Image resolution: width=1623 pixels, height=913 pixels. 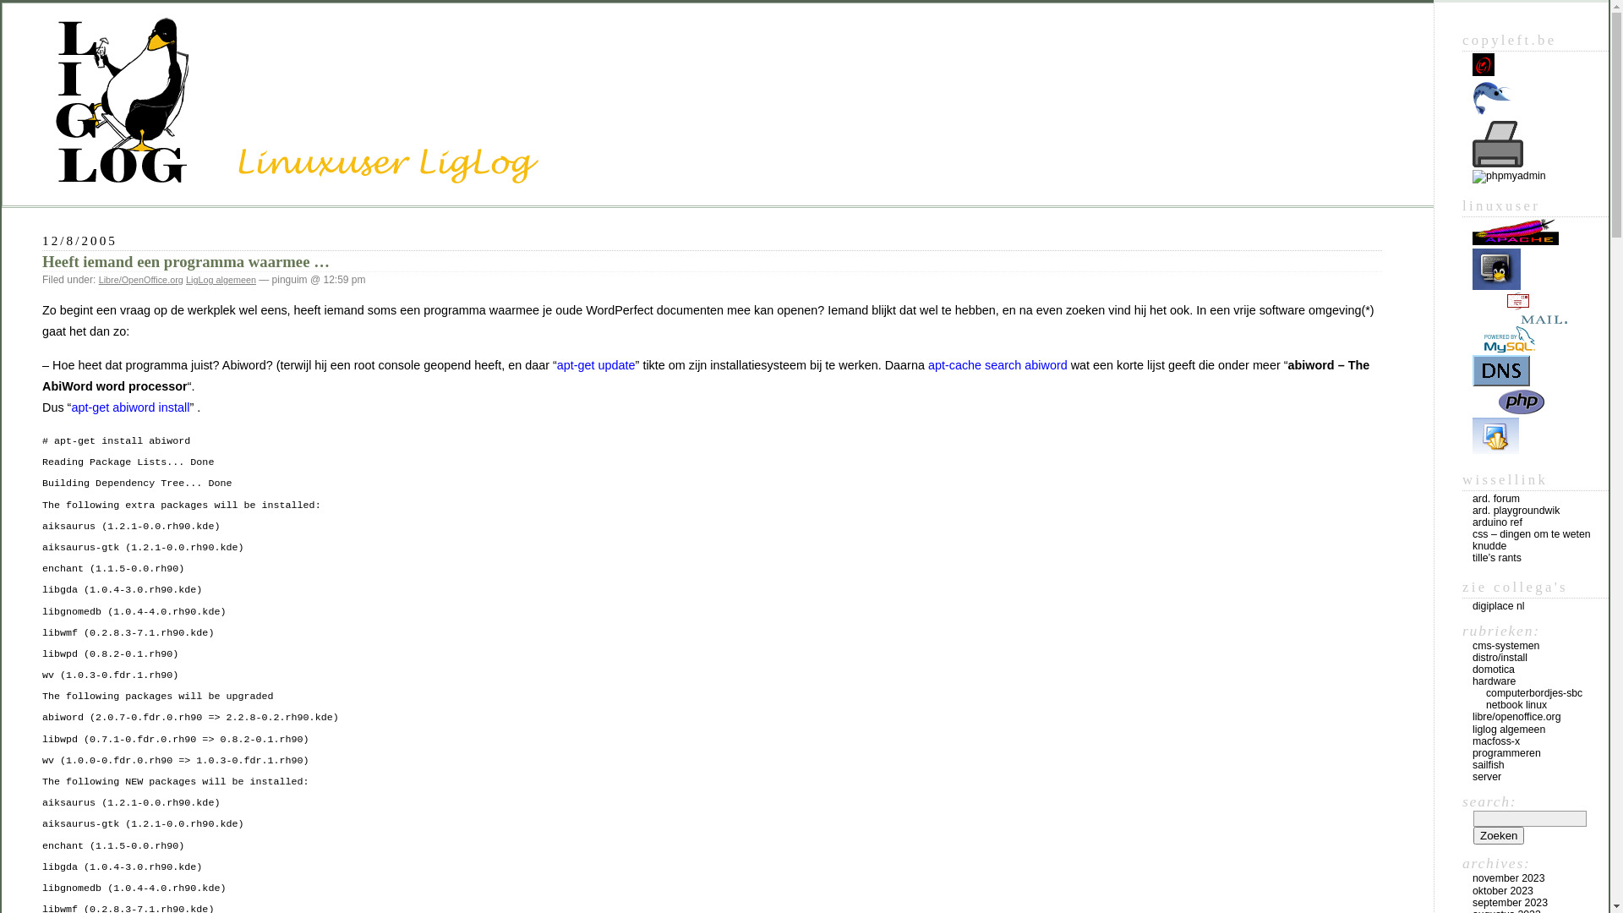 What do you see at coordinates (1509, 877) in the screenshot?
I see `'november 2023'` at bounding box center [1509, 877].